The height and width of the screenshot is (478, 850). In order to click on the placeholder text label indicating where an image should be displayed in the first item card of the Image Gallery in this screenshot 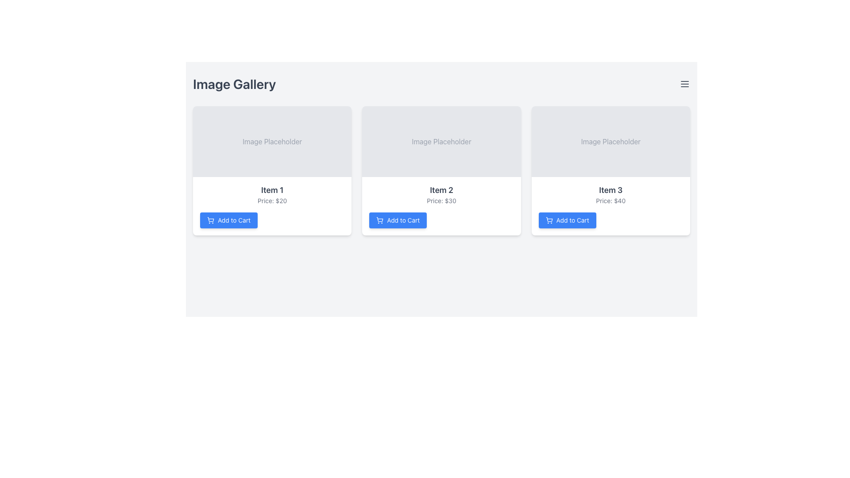, I will do `click(272, 141)`.